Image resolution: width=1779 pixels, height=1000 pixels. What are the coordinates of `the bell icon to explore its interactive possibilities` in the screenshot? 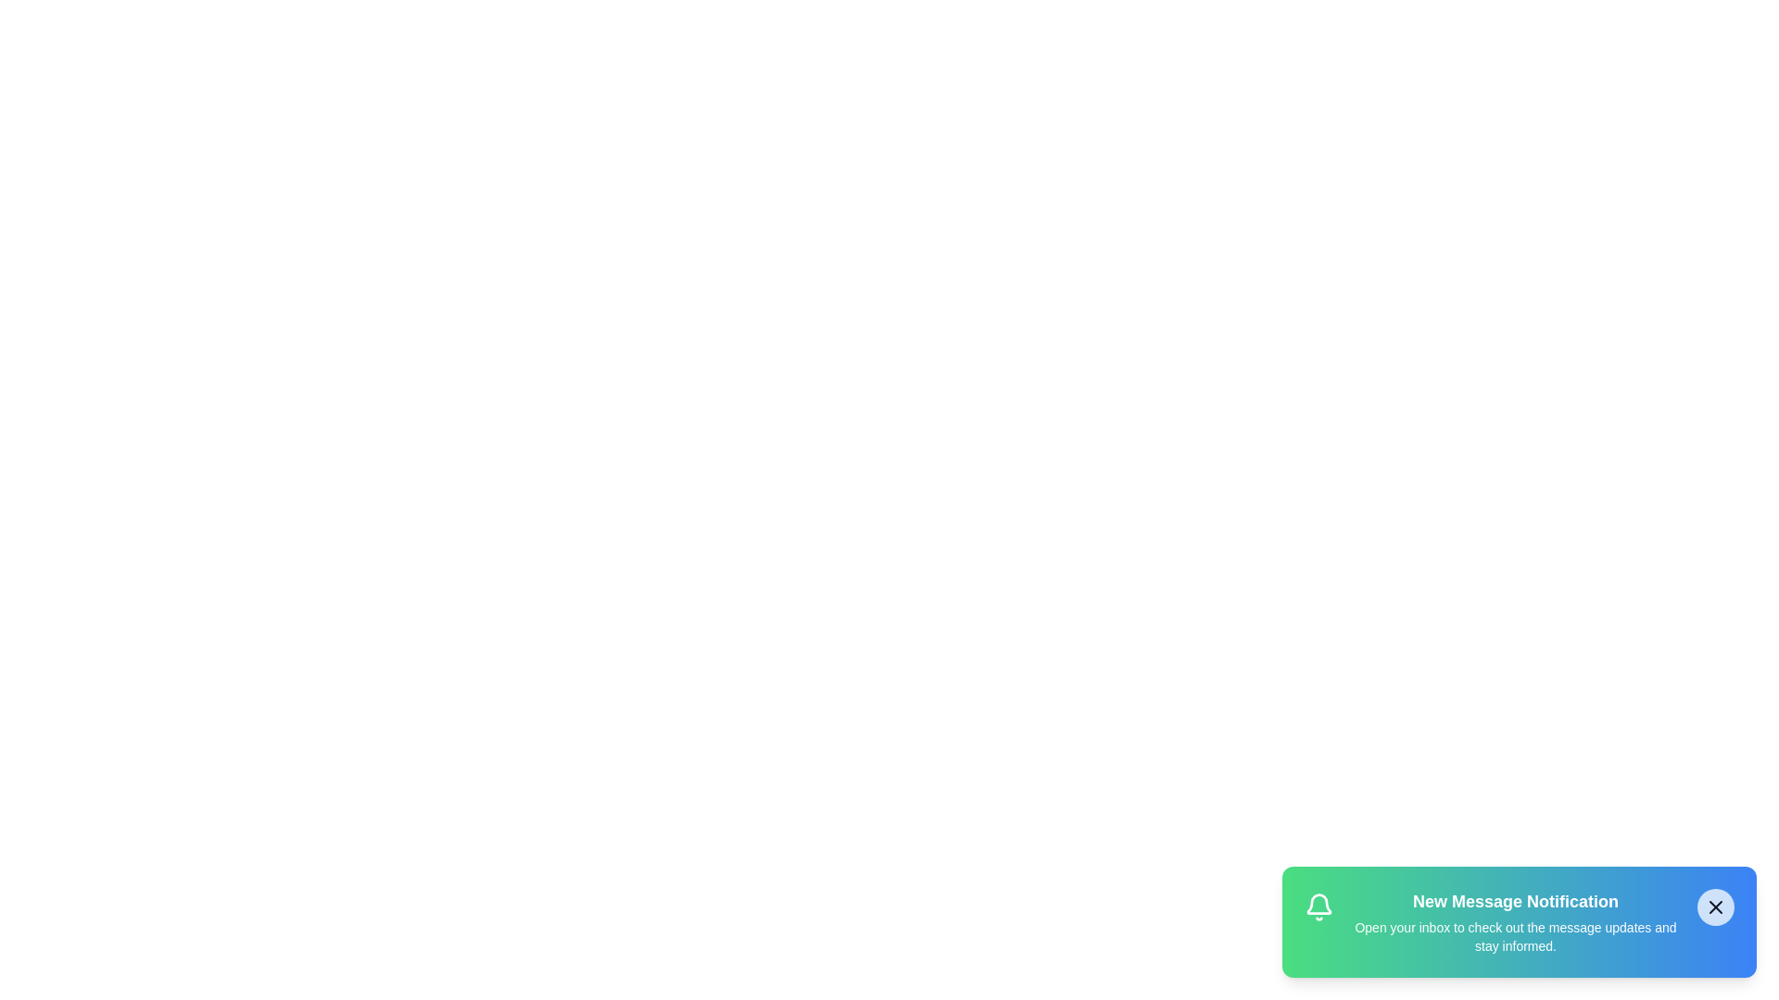 It's located at (1318, 906).